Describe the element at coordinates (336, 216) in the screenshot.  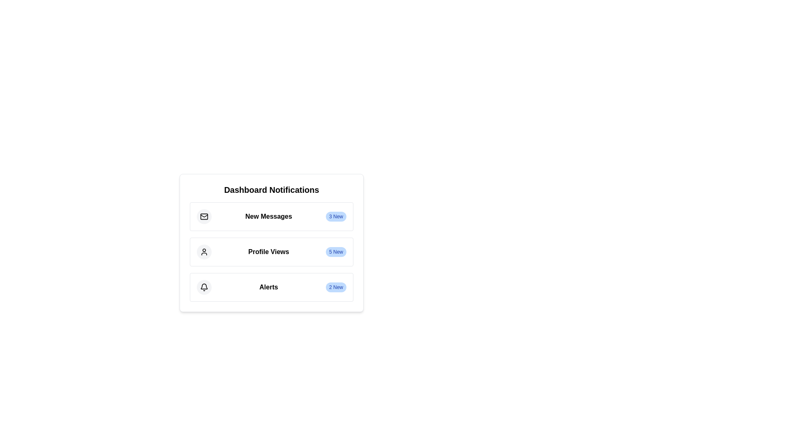
I see `the small rounded badge with a pale blue background and bold blue text displaying '3 New', located to the far right of the 'New Messages' row in the notification categories list` at that location.